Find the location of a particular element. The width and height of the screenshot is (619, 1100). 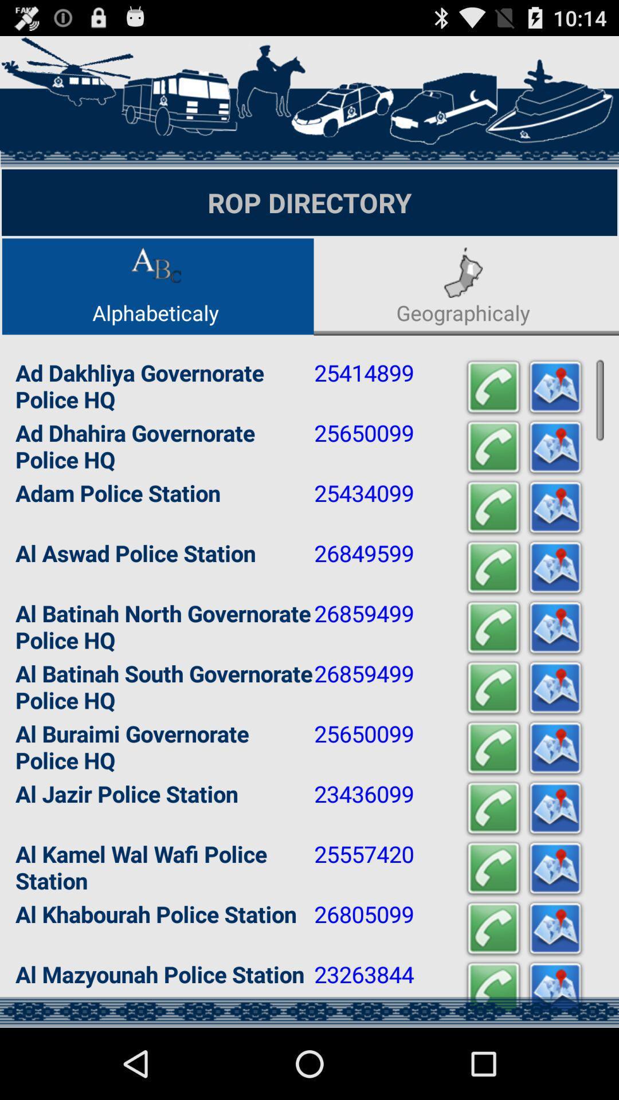

this button brings up the map location of this police station is located at coordinates (554, 988).